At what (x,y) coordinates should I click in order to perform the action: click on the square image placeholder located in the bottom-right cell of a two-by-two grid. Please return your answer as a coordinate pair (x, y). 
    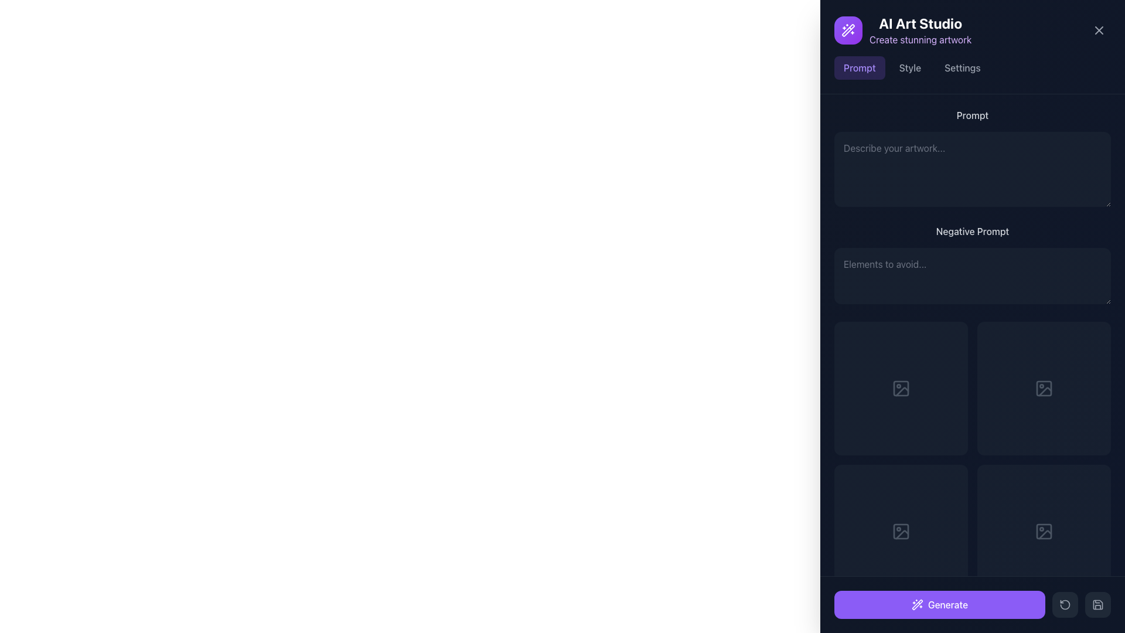
    Looking at the image, I should click on (1044, 389).